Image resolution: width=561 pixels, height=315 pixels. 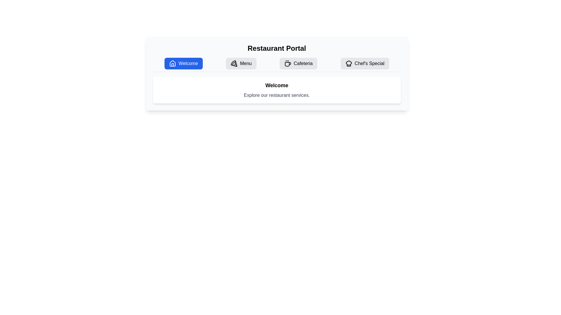 I want to click on the 'Cafeteria' button, which is a text label in a light gray rounded rectangle within the navigation menu, so click(x=303, y=64).